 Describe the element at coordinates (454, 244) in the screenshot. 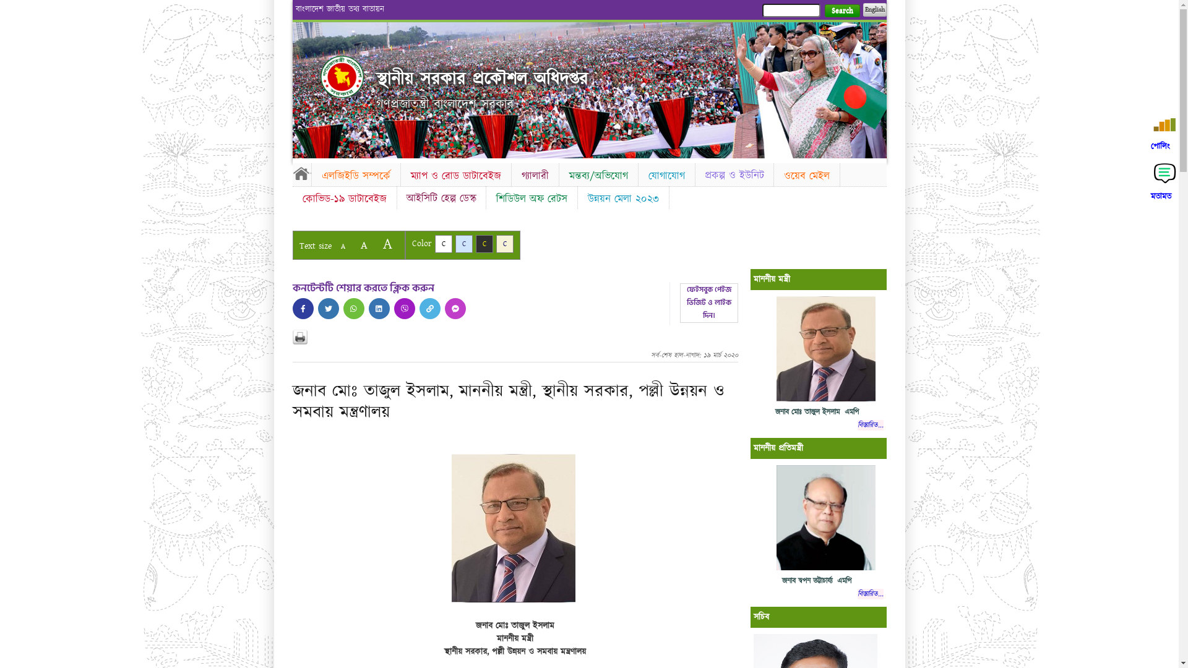

I see `'C'` at that location.